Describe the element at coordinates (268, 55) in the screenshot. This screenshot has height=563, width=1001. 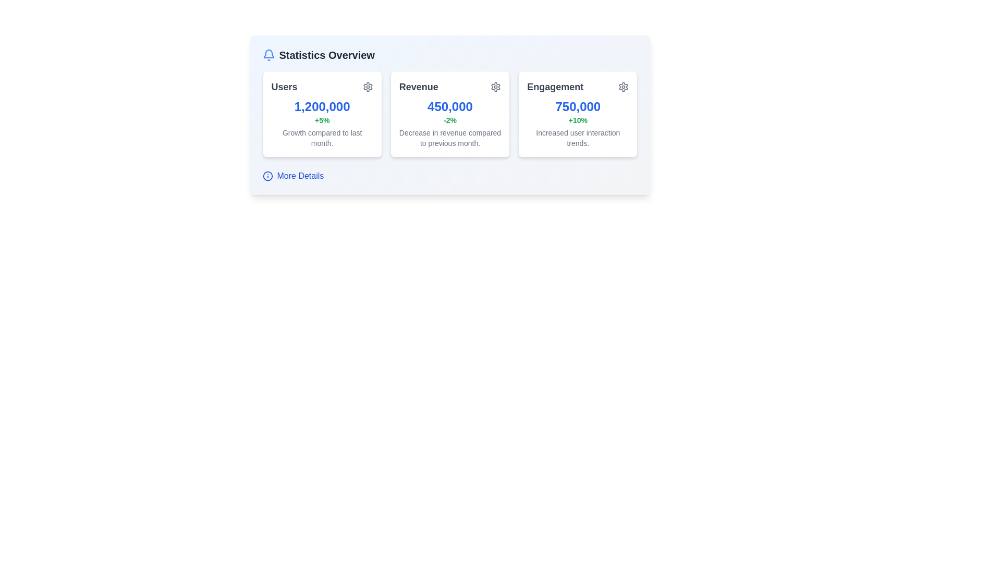
I see `the blue bell icon representing notification functionality, located to the far left of the 'Statistics Overview' section` at that location.